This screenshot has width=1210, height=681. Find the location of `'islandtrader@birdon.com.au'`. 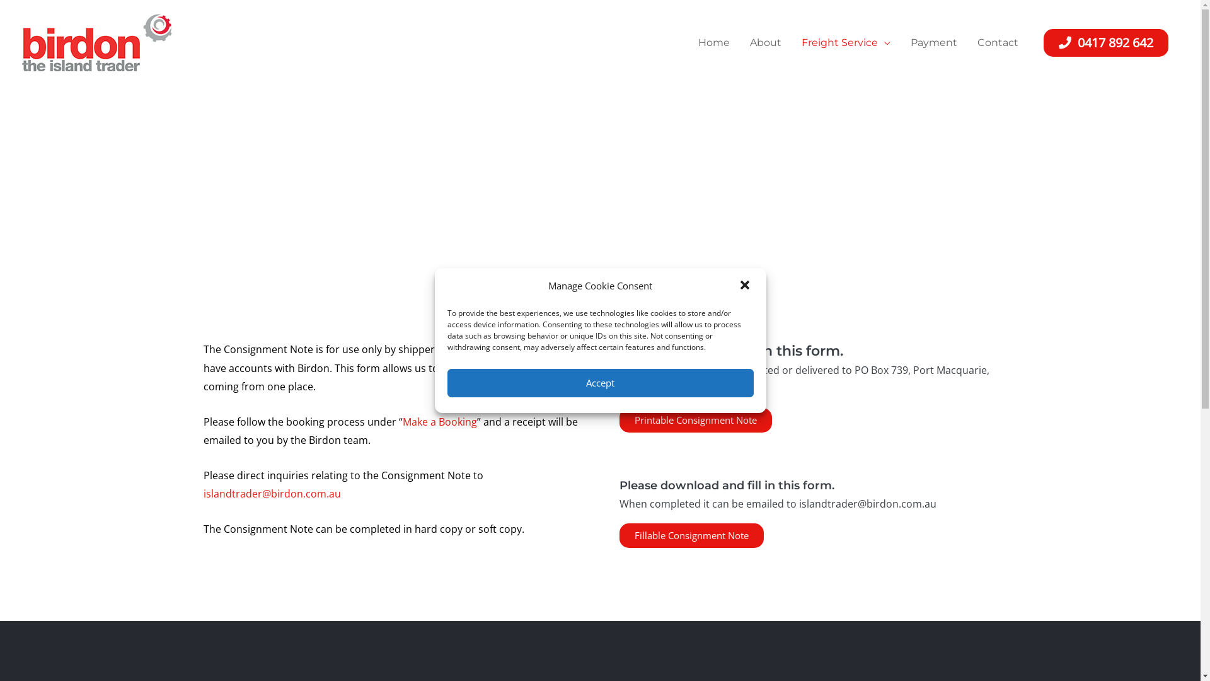

'islandtrader@birdon.com.au' is located at coordinates (271, 493).